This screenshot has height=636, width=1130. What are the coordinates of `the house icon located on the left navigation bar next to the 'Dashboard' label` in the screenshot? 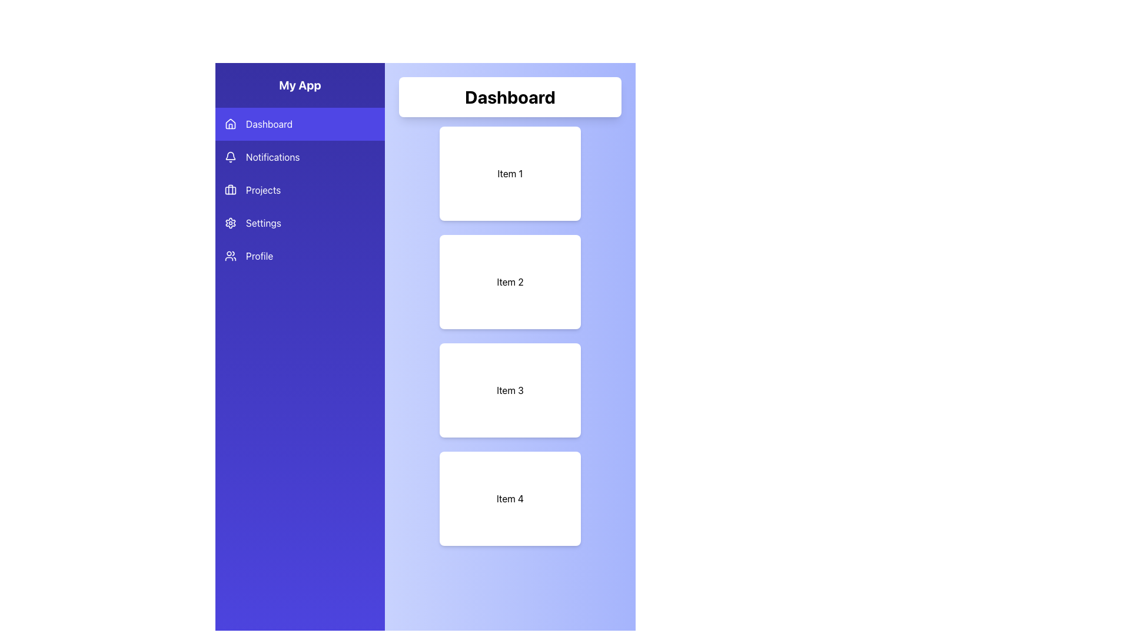 It's located at (231, 123).